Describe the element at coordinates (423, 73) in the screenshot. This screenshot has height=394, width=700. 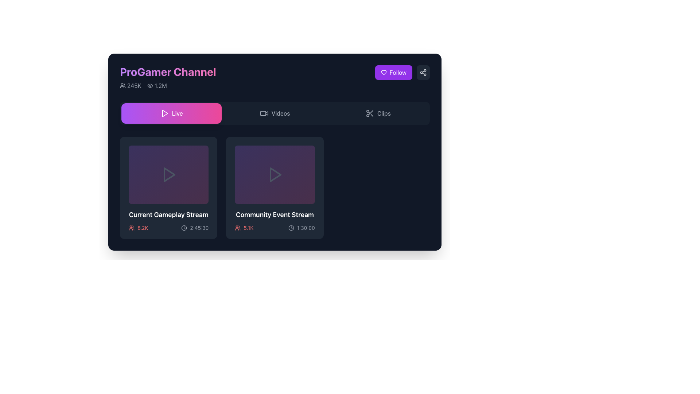
I see `the small button with a share icon, which is the rightmost button in the group of action buttons` at that location.